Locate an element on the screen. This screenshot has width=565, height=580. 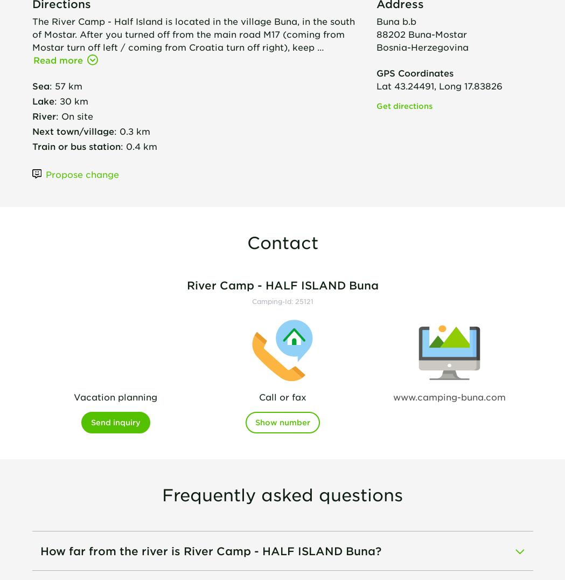
'0.4 km' is located at coordinates (125, 145).